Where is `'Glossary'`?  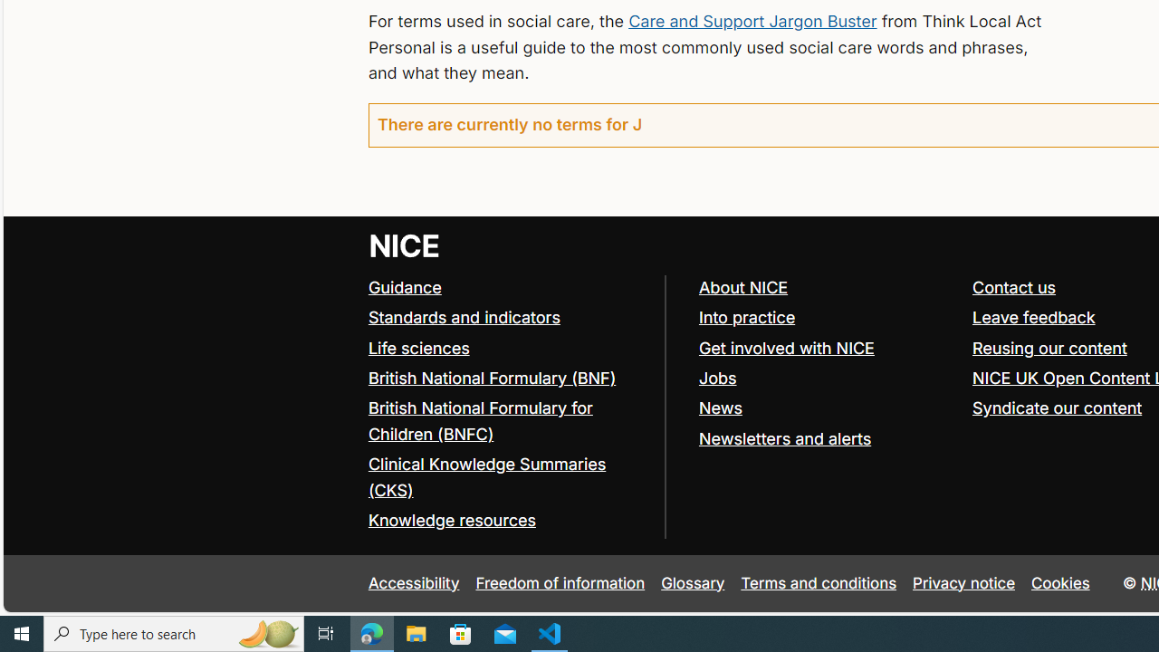
'Glossary' is located at coordinates (692, 583).